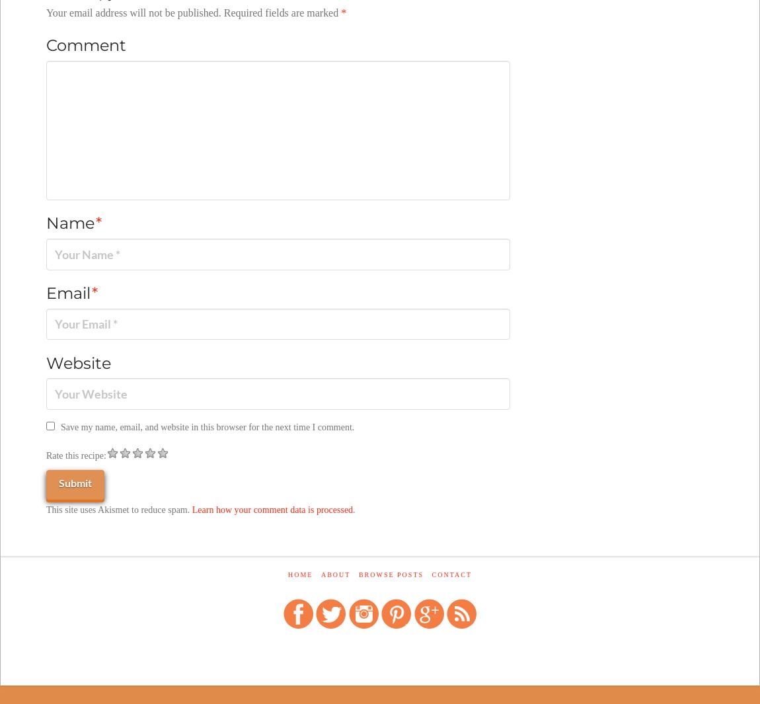 Image resolution: width=760 pixels, height=704 pixels. I want to click on 'Comment', so click(85, 44).